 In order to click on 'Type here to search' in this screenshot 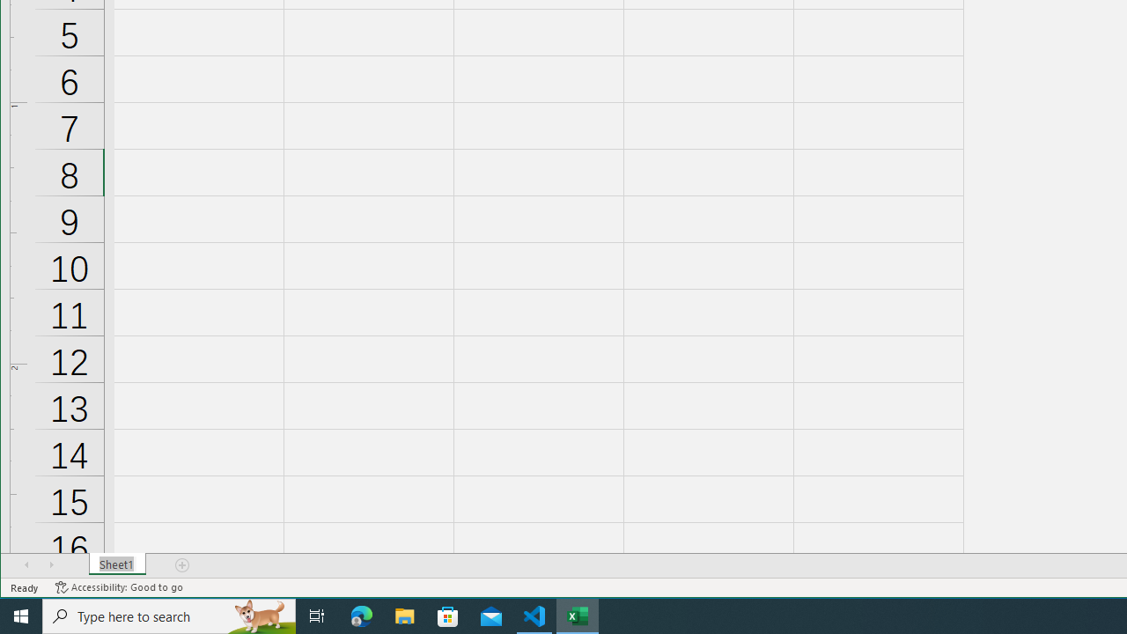, I will do `click(169, 615)`.